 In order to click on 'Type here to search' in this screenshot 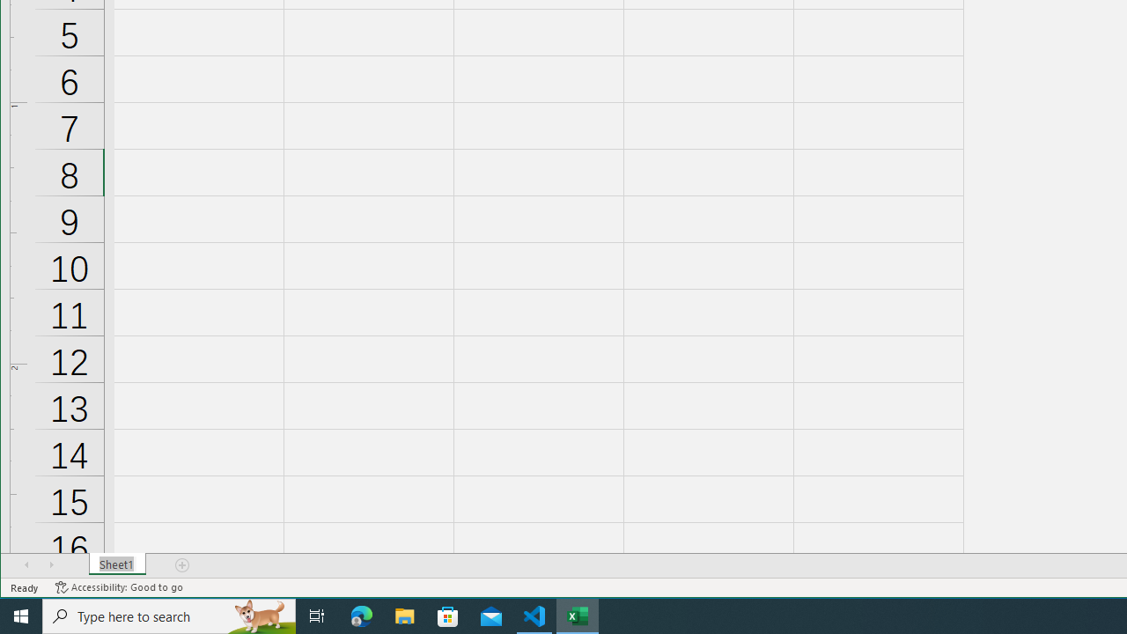, I will do `click(169, 615)`.